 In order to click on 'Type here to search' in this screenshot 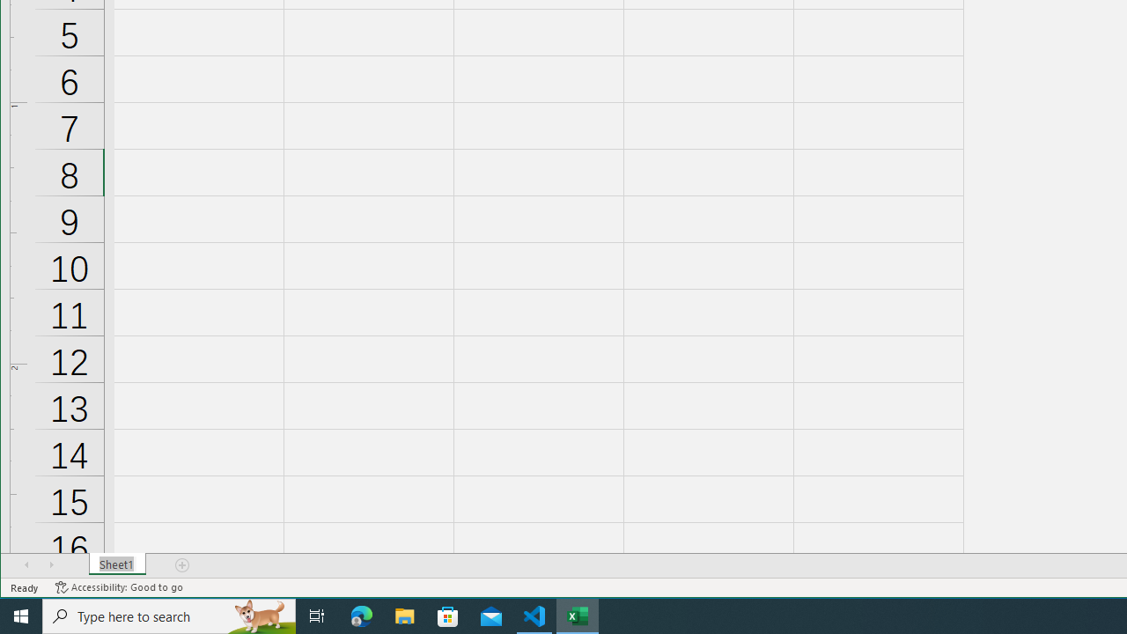, I will do `click(169, 615)`.